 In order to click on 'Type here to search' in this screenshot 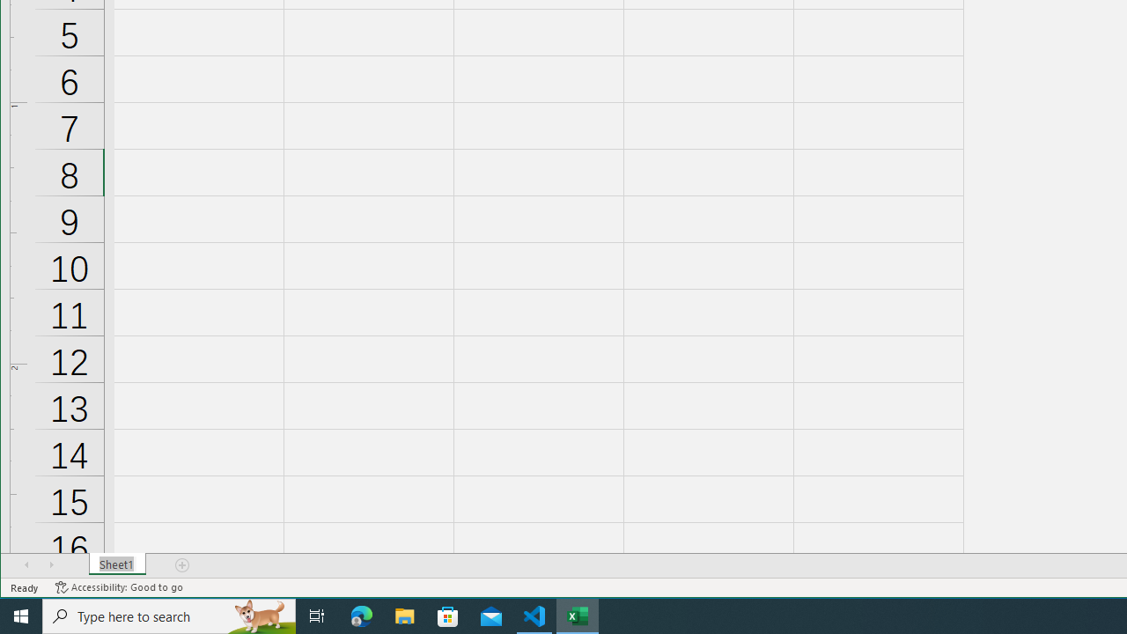, I will do `click(169, 615)`.